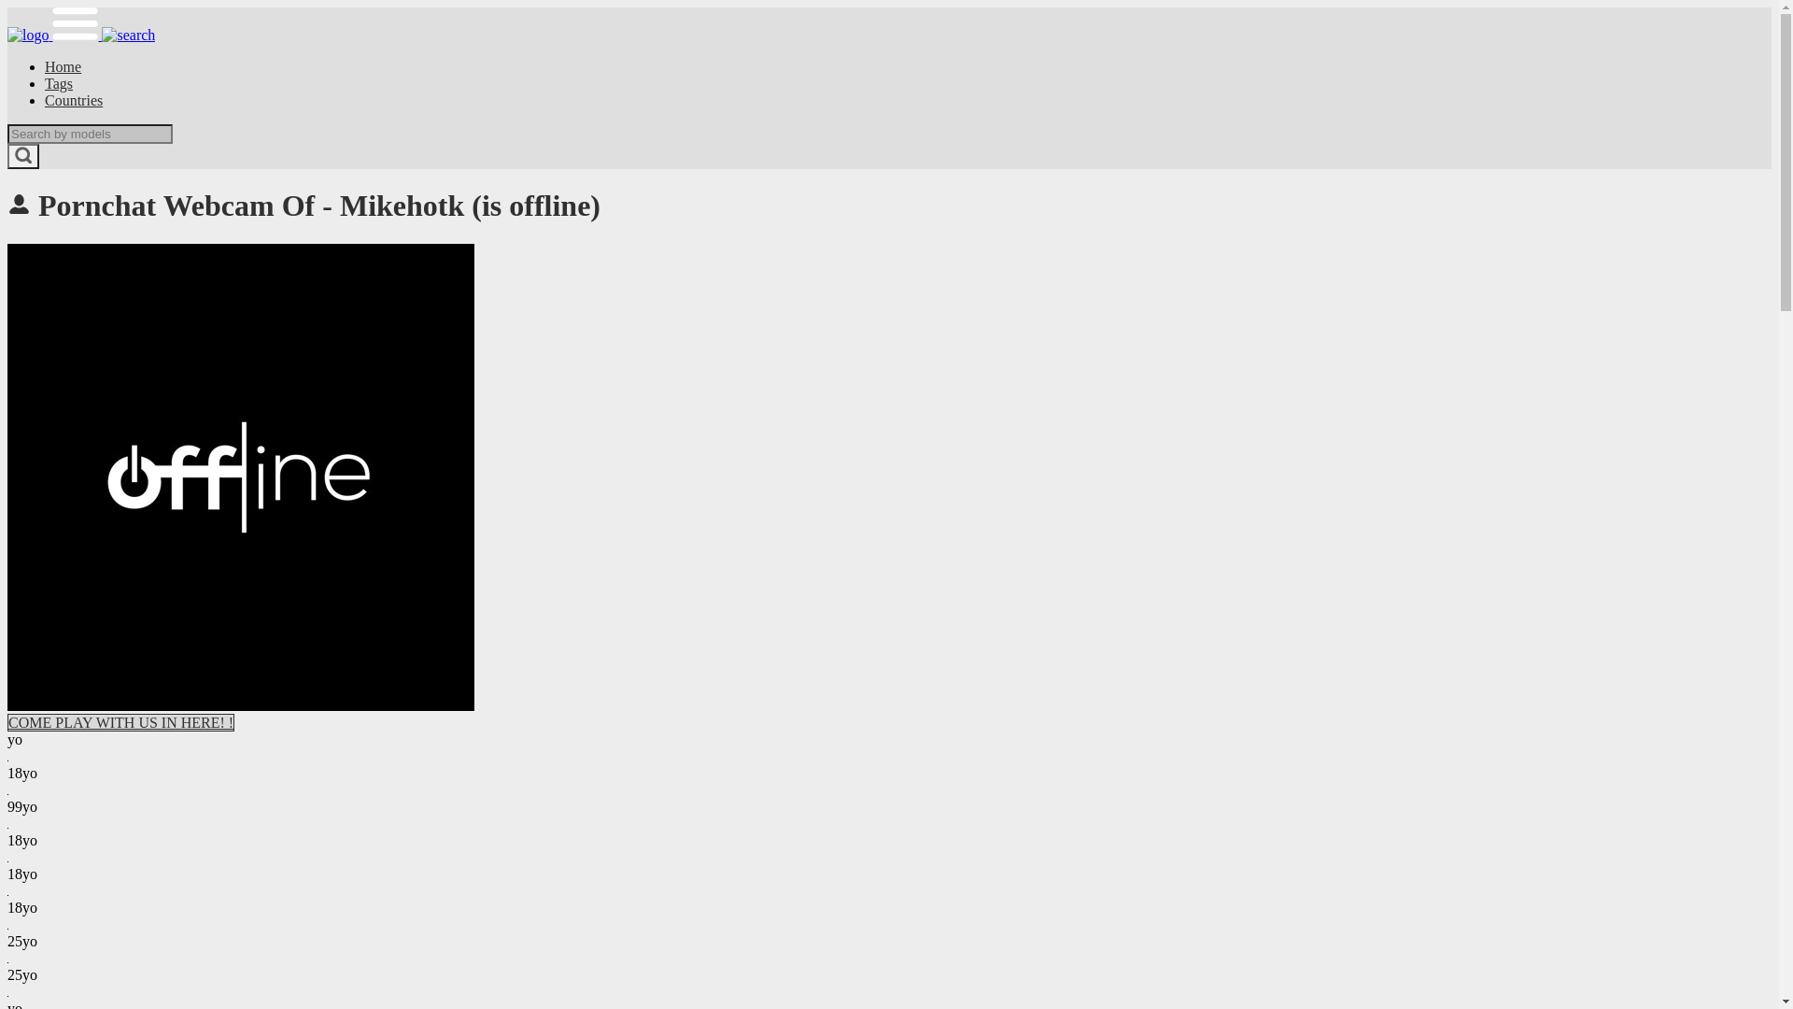  Describe the element at coordinates (63, 65) in the screenshot. I see `'Home'` at that location.